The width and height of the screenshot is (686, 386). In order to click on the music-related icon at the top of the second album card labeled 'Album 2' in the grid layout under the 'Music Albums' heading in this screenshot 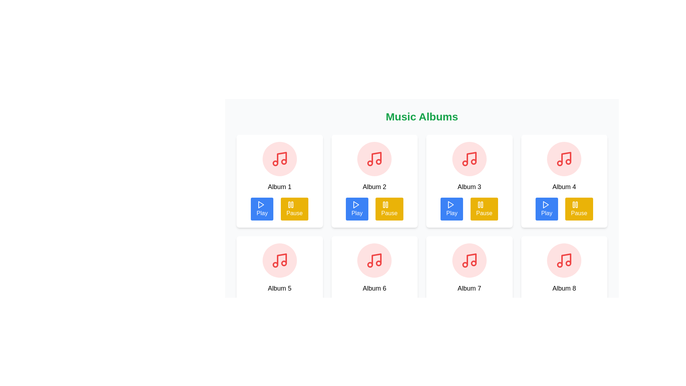, I will do `click(374, 158)`.